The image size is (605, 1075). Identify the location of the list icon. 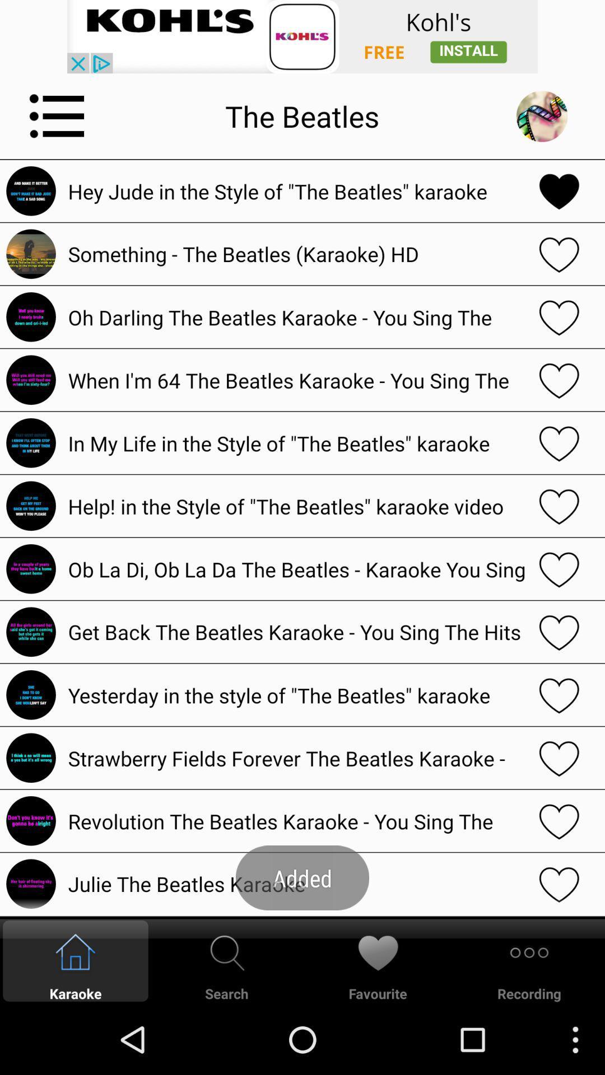
(57, 124).